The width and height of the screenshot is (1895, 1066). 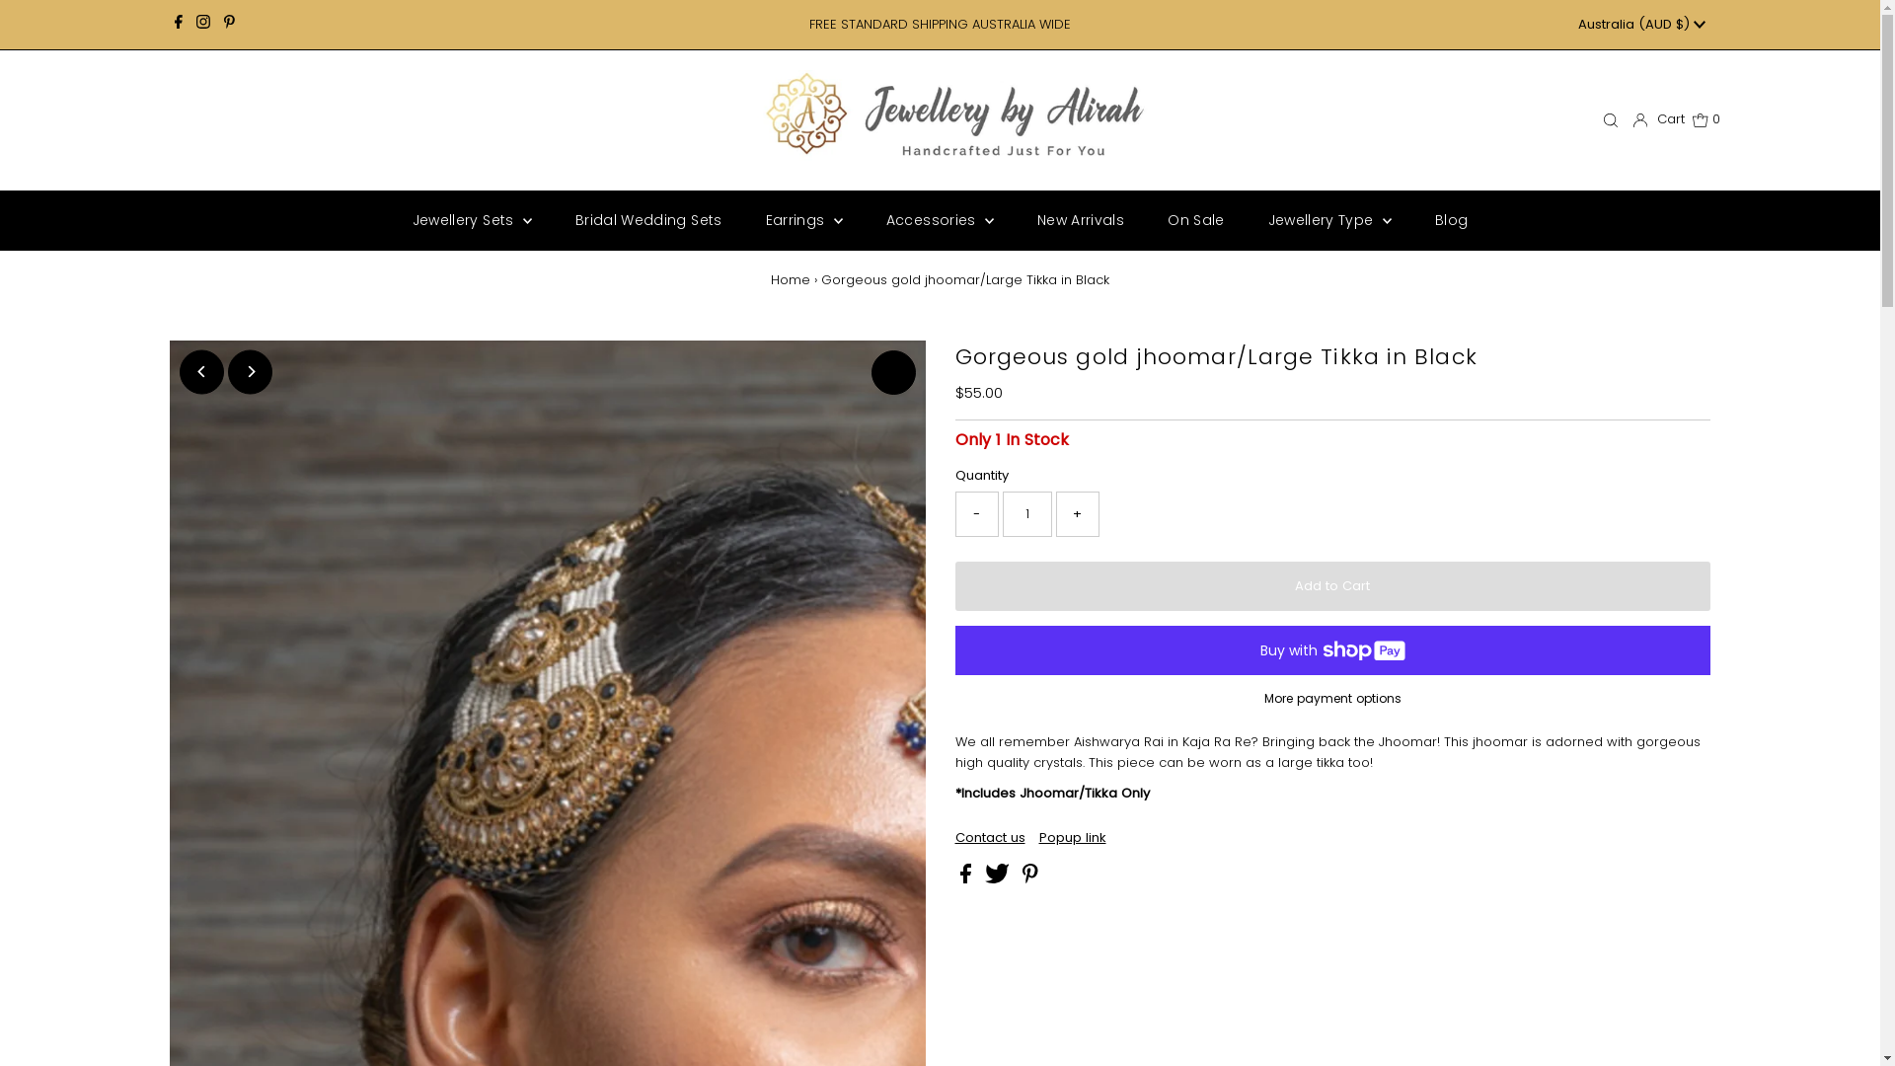 What do you see at coordinates (1194, 220) in the screenshot?
I see `'On Sale'` at bounding box center [1194, 220].